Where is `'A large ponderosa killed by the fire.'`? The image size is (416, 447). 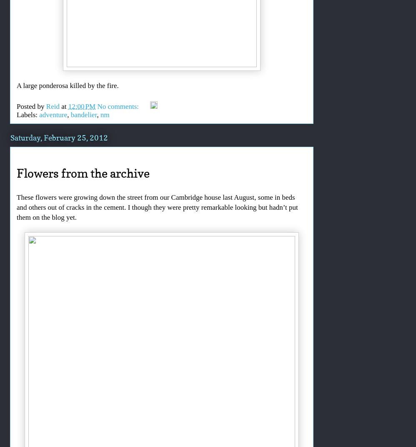
'A large ponderosa killed by the fire.' is located at coordinates (67, 85).